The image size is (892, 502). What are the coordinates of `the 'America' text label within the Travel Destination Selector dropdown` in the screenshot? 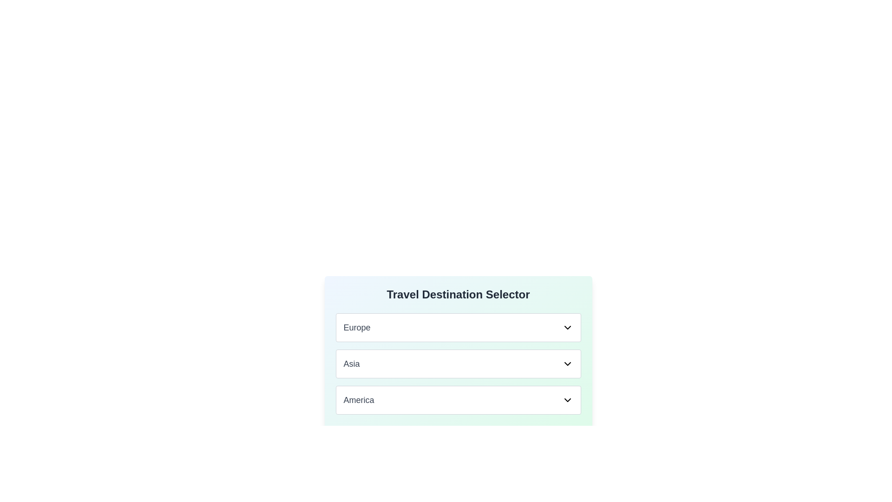 It's located at (358, 399).